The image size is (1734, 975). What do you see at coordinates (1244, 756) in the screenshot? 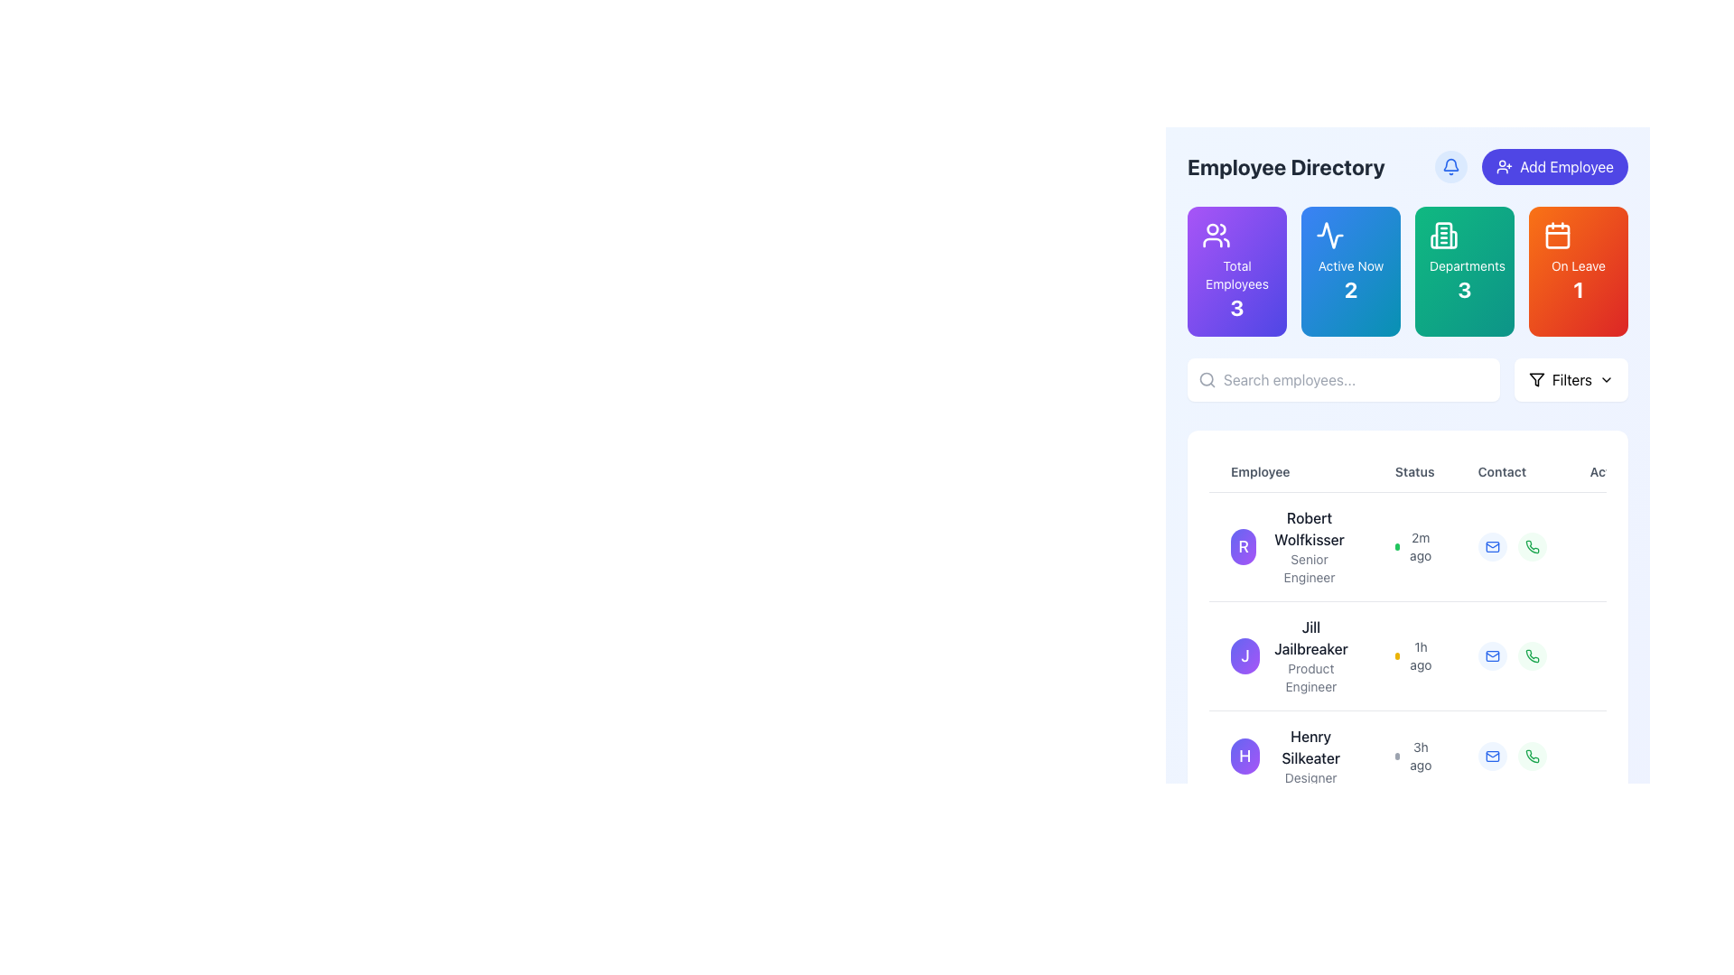
I see `the circular badge or avatar for user 'Henry Silkeater' located in the third row of the 'Employee' column in the employee directory table` at bounding box center [1244, 756].